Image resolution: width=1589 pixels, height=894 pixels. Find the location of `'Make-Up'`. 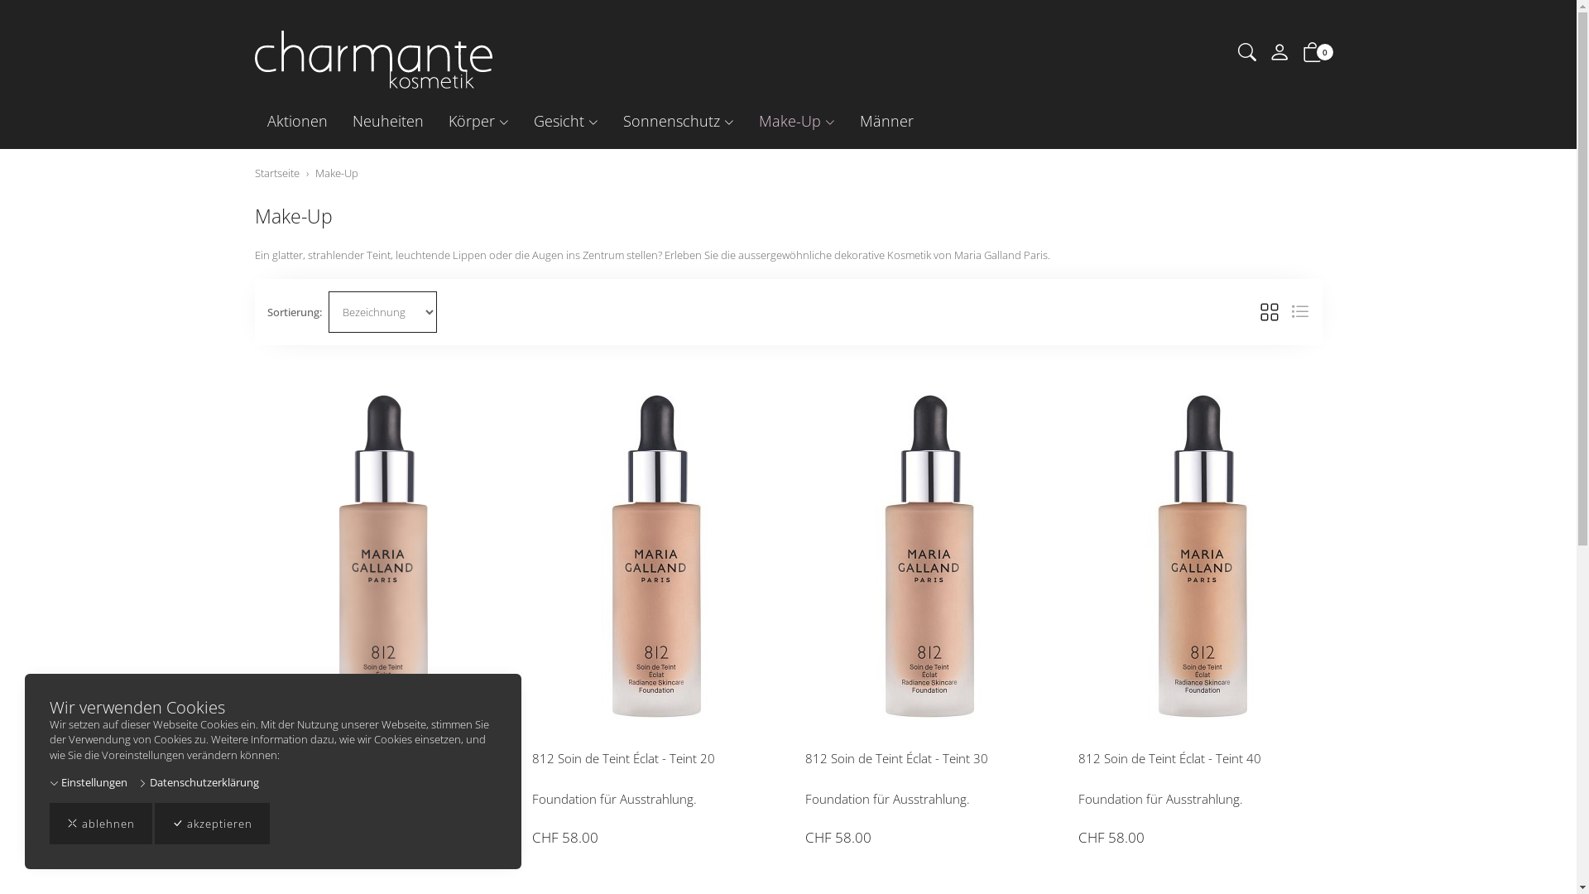

'Make-Up' is located at coordinates (797, 120).